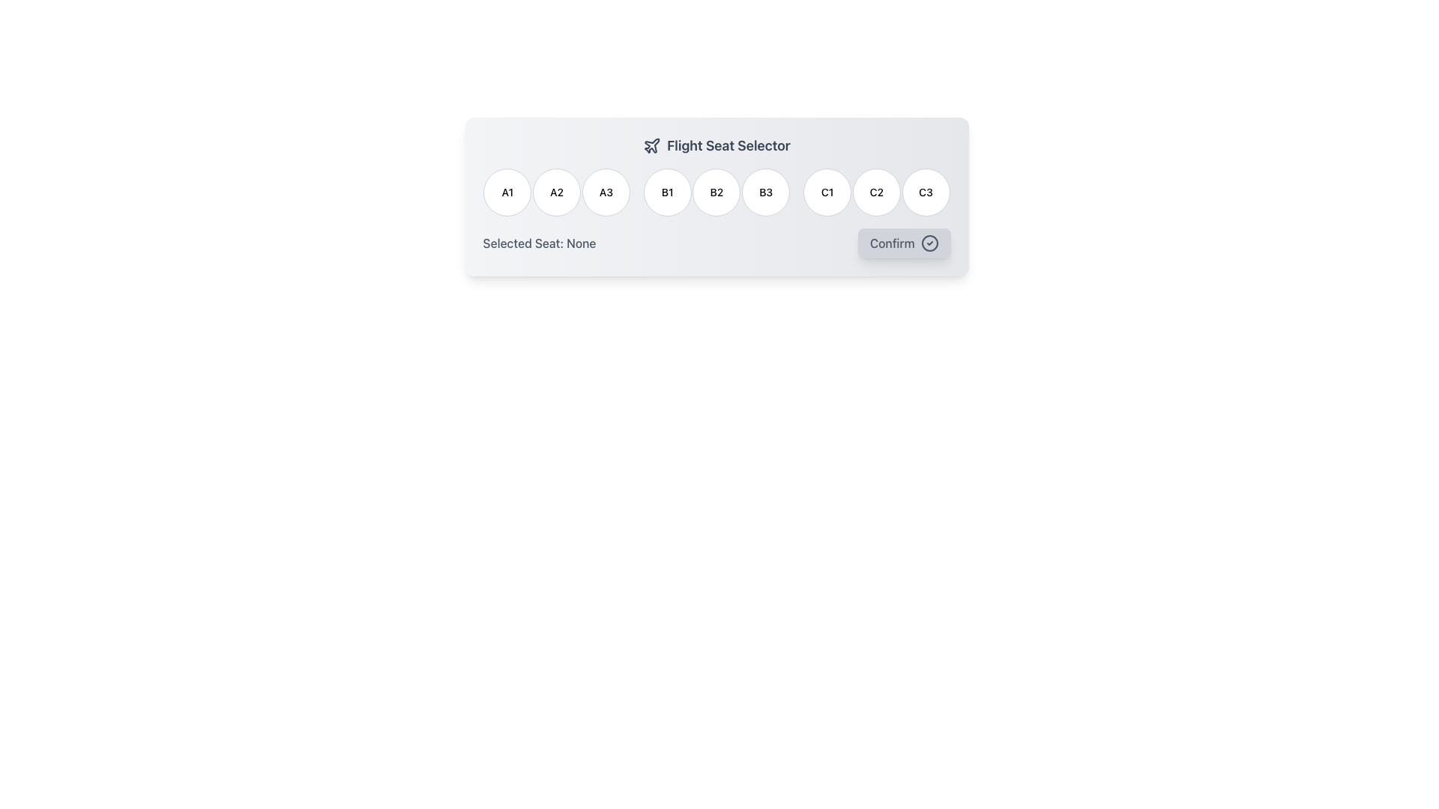 The height and width of the screenshot is (809, 1439). Describe the element at coordinates (716, 146) in the screenshot. I see `the prominent heading titled 'Flight Seat Selector' which is styled with a larger, bold font and includes an airplane icon on the left` at that location.